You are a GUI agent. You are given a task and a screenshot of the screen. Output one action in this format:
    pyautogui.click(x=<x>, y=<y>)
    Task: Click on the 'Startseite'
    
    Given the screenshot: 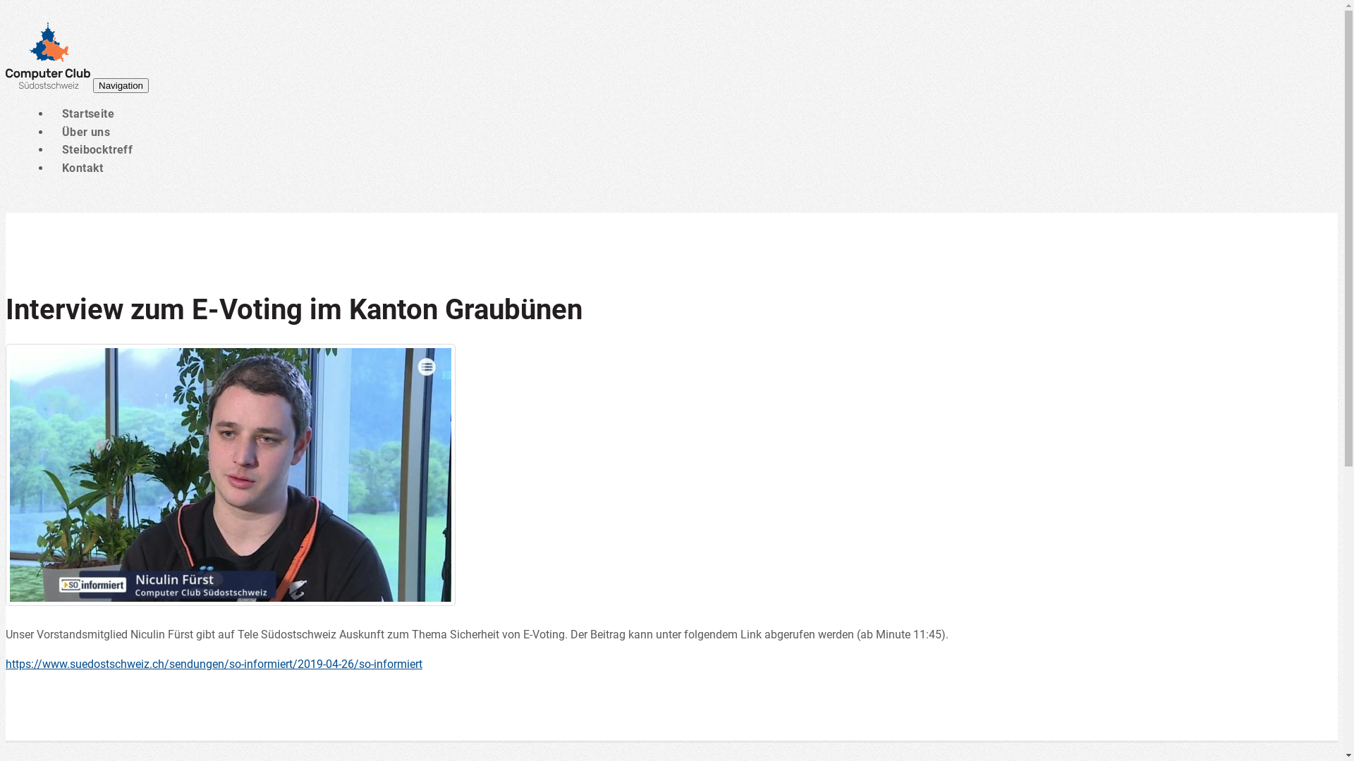 What is the action you would take?
    pyautogui.click(x=87, y=113)
    